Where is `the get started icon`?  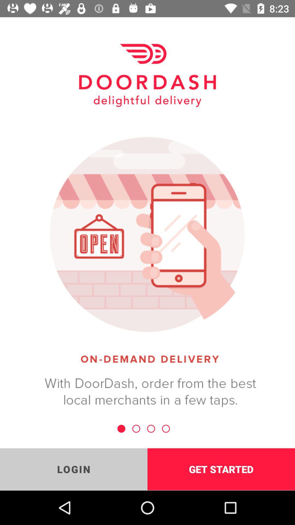 the get started icon is located at coordinates (221, 469).